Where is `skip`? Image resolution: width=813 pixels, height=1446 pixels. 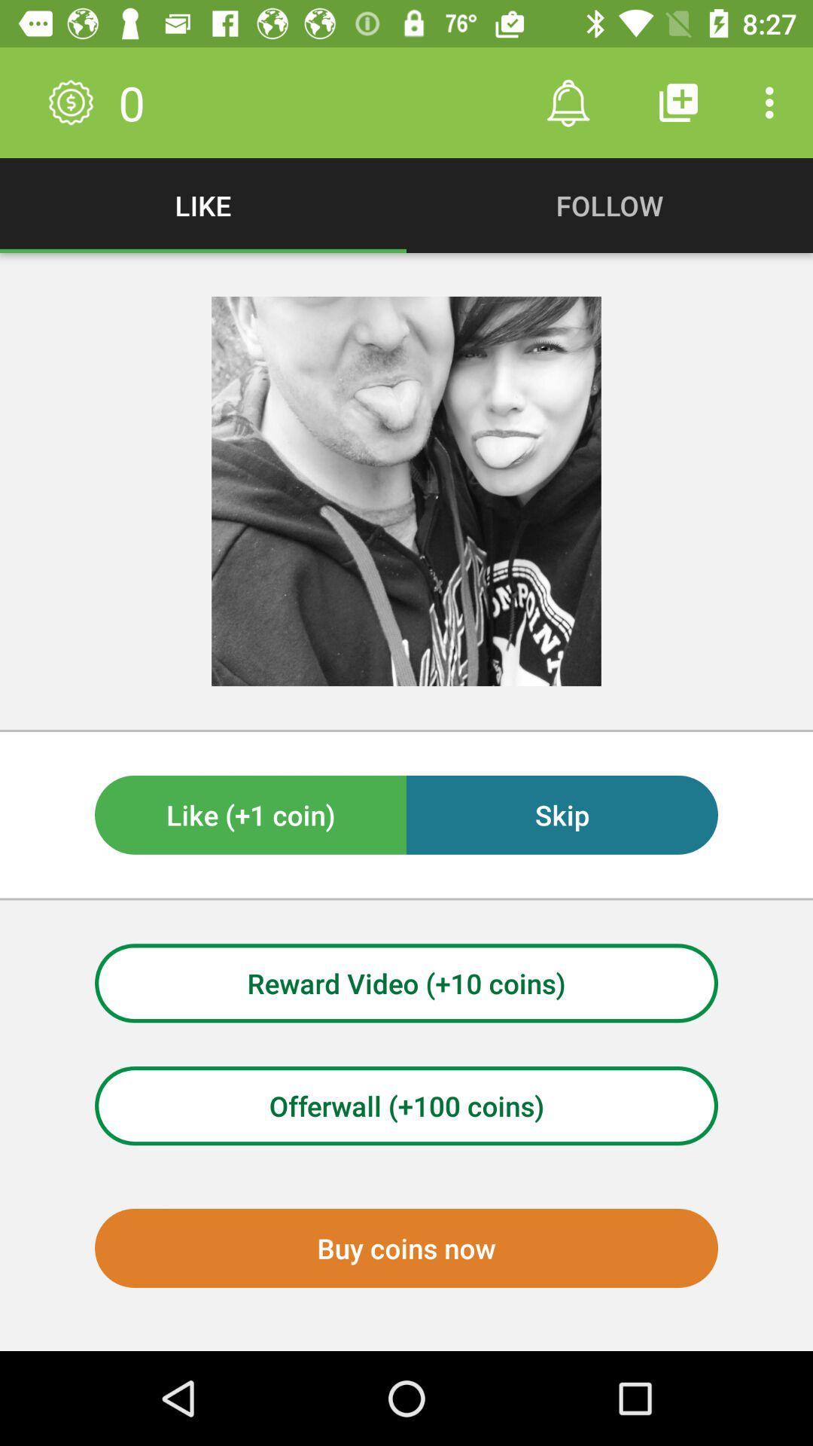
skip is located at coordinates (562, 814).